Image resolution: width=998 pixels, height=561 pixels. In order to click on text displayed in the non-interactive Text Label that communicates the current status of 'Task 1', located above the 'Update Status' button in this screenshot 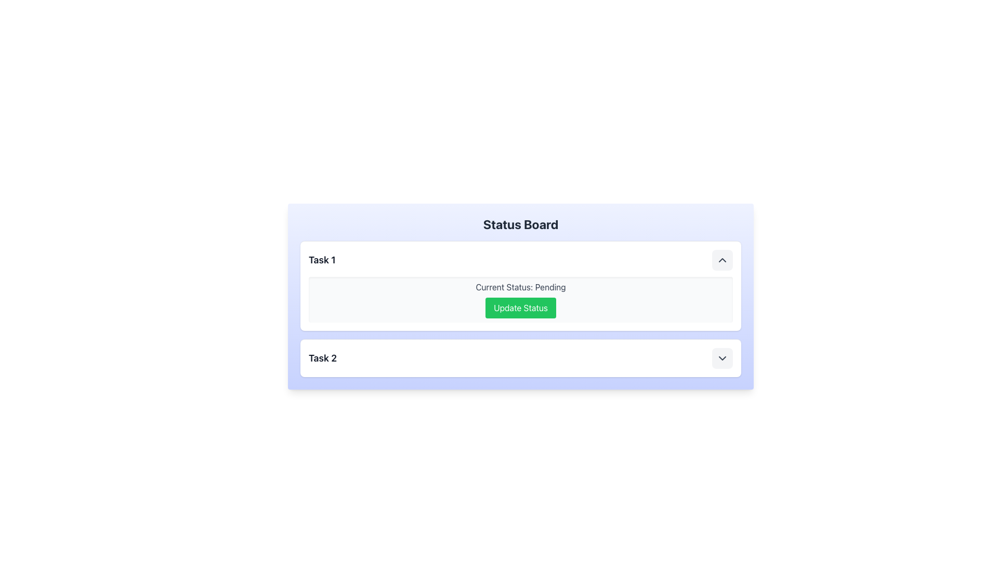, I will do `click(521, 287)`.